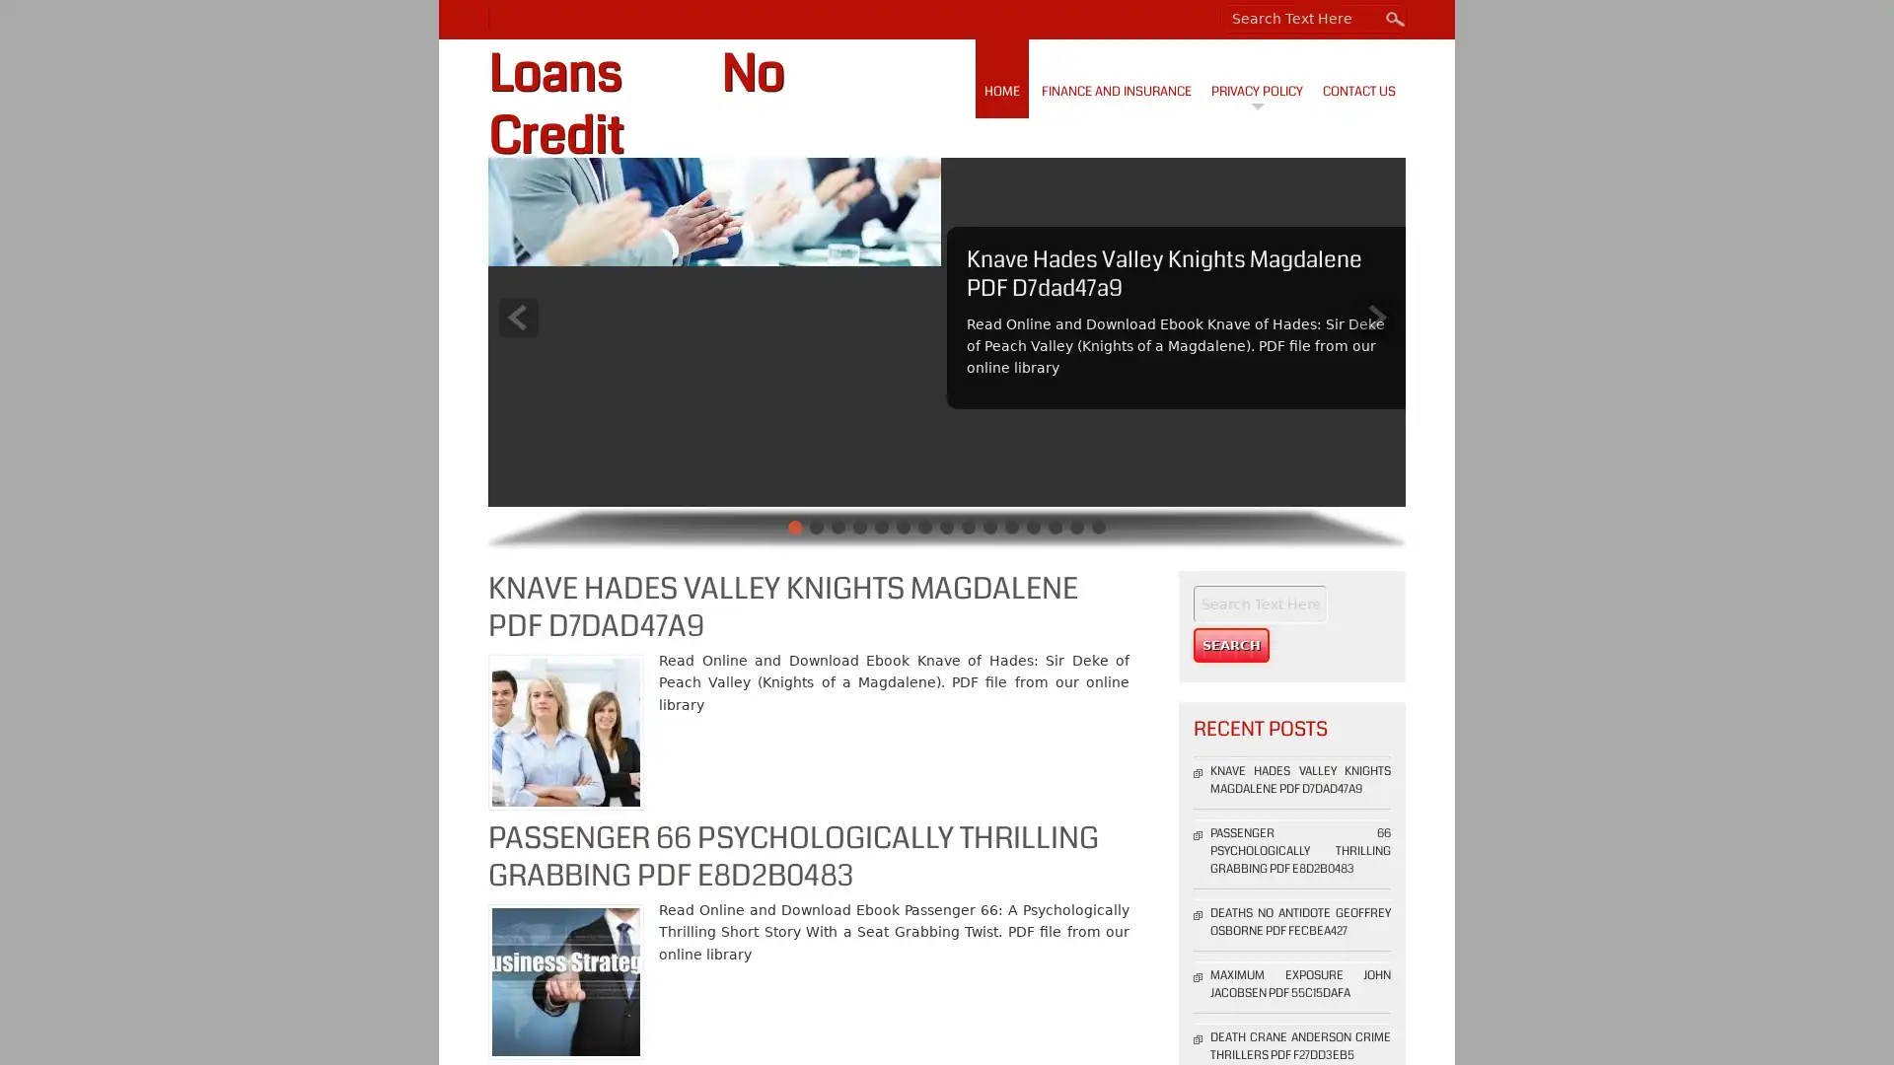 This screenshot has width=1894, height=1065. What do you see at coordinates (1230, 645) in the screenshot?
I see `Search` at bounding box center [1230, 645].